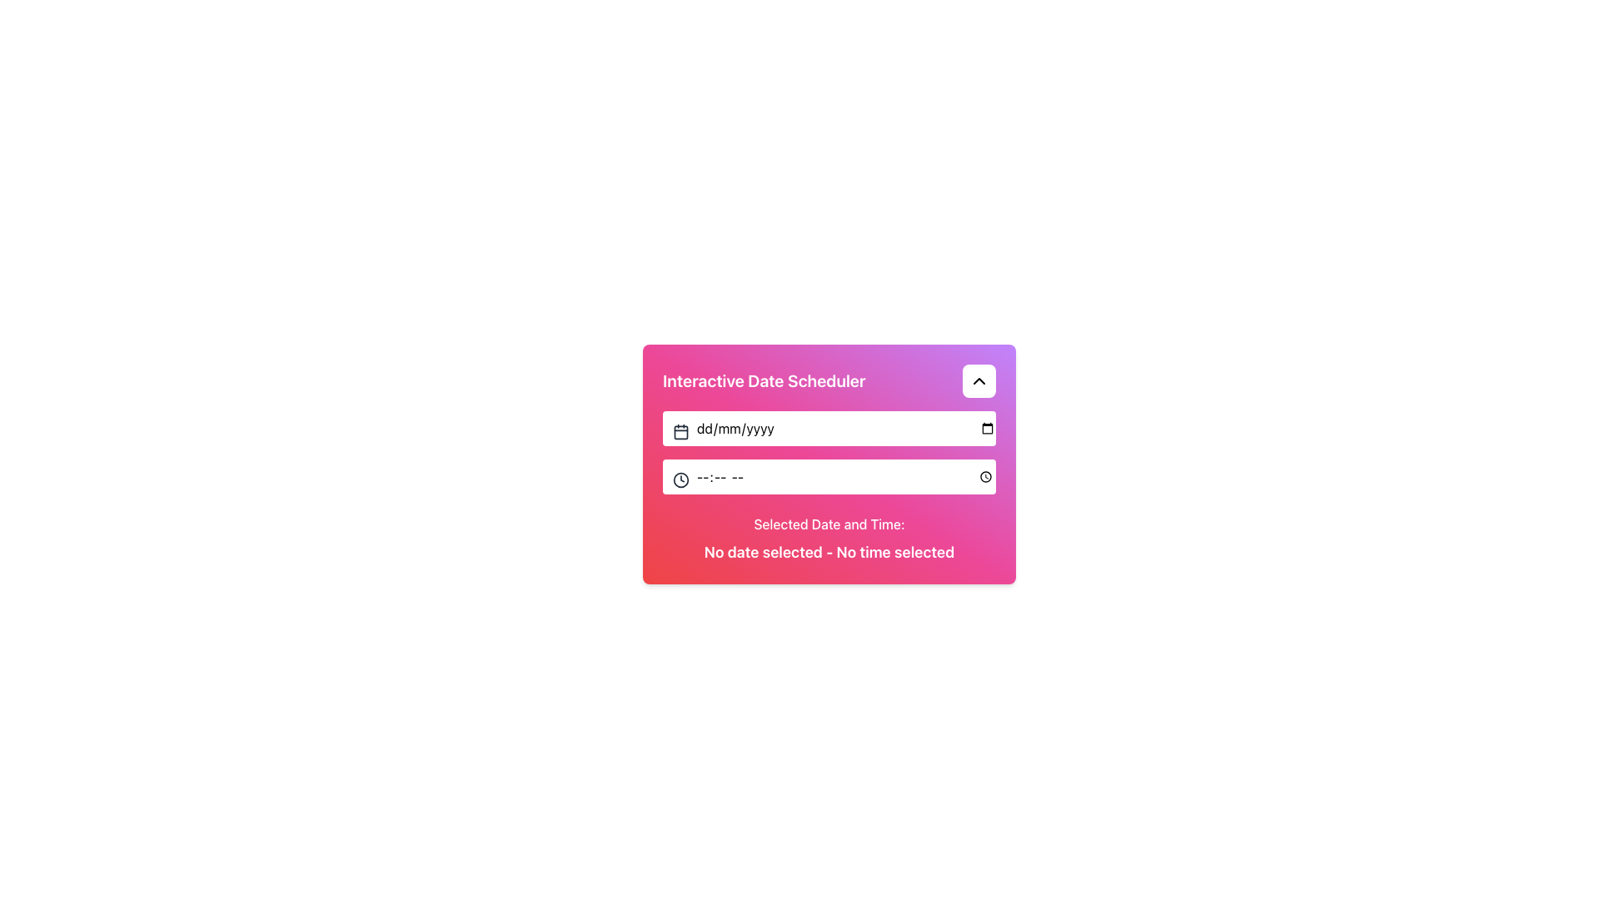 The width and height of the screenshot is (1599, 899). I want to click on the calendar icon represented by a rectangular shape with rounded corners, located to the left of the 'dd/mm/yyyy' input field, so click(680, 431).